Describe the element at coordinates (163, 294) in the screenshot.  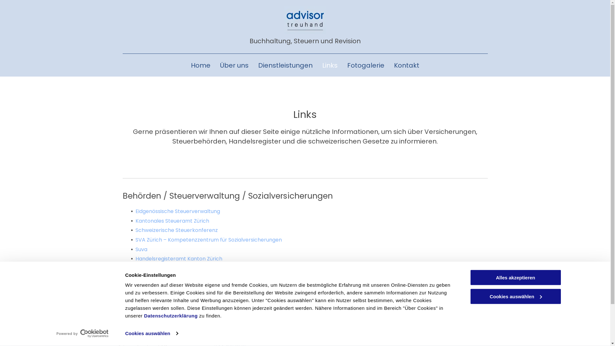
I see `'ZGB (Zivilgesetzbuch)'` at that location.